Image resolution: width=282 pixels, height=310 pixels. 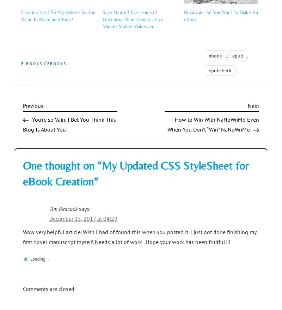 I want to click on 'ebook', so click(x=215, y=55).